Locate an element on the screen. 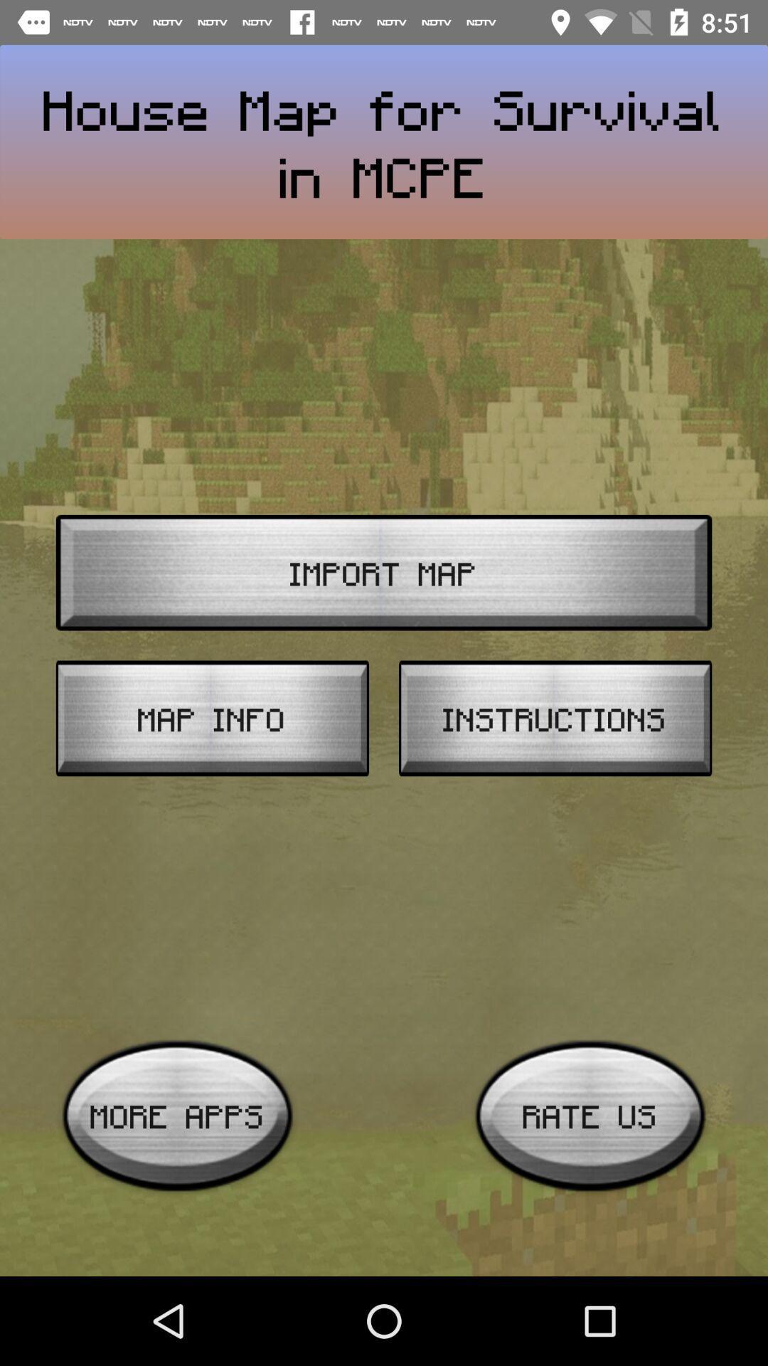 The image size is (768, 1366). instructions is located at coordinates (555, 718).